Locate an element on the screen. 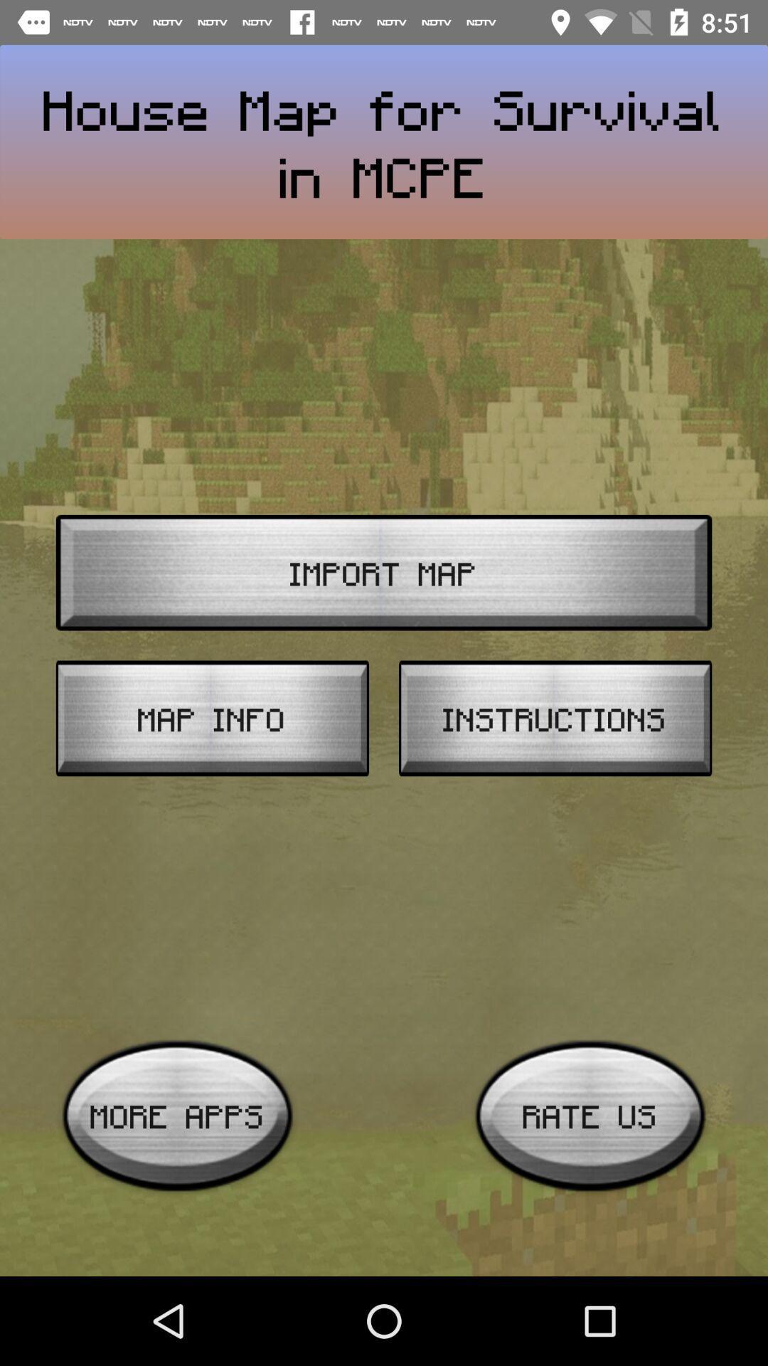 The image size is (768, 1366). instructions is located at coordinates (555, 718).